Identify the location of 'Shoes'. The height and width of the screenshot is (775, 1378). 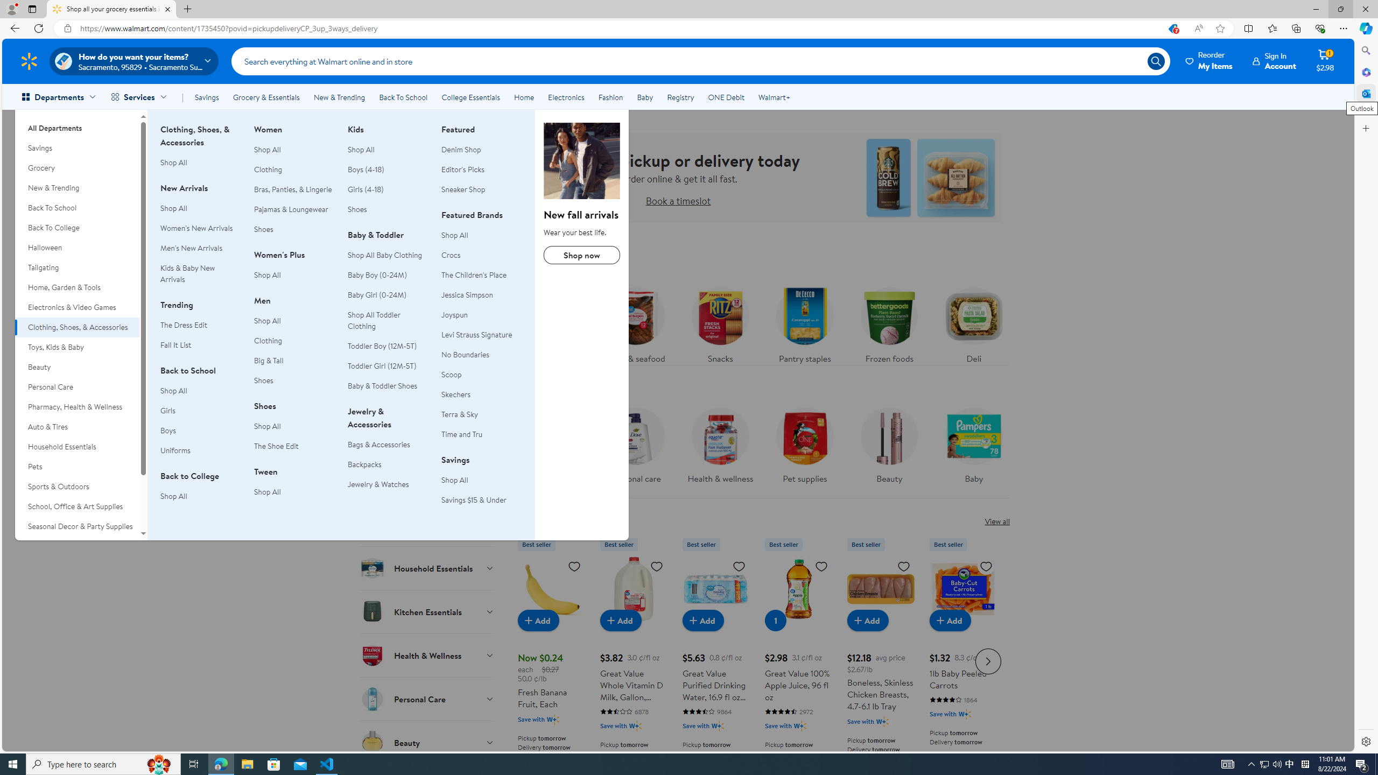
(357, 208).